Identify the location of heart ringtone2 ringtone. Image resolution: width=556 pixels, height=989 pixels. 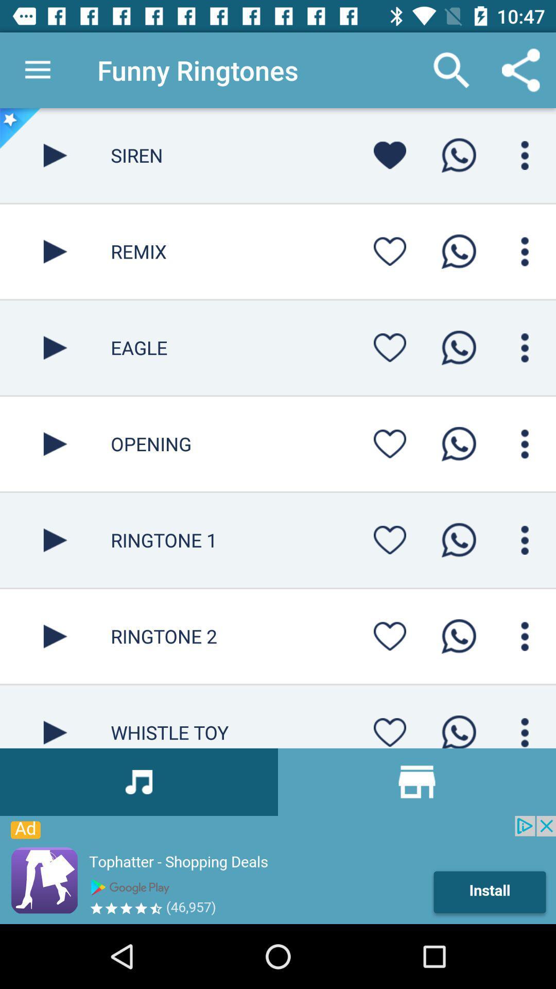
(390, 636).